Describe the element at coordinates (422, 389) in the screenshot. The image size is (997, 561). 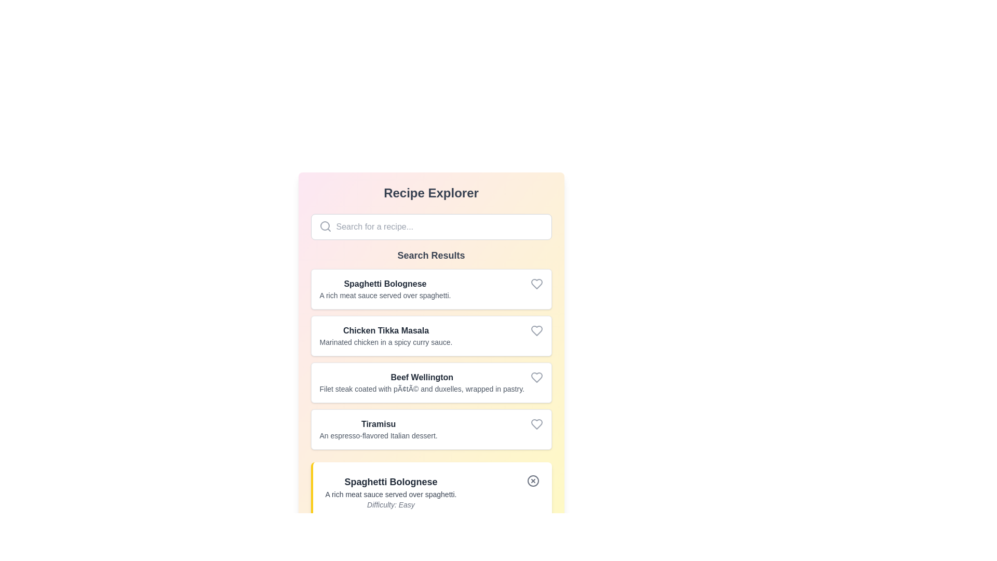
I see `additional descriptive text for the dish 'Beef Wellington' located below its title in the 'Recipe Explorer' section` at that location.